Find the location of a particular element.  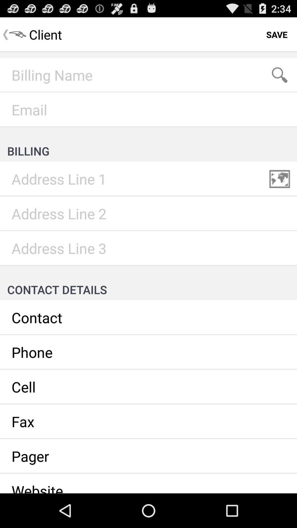

search is located at coordinates (280, 75).